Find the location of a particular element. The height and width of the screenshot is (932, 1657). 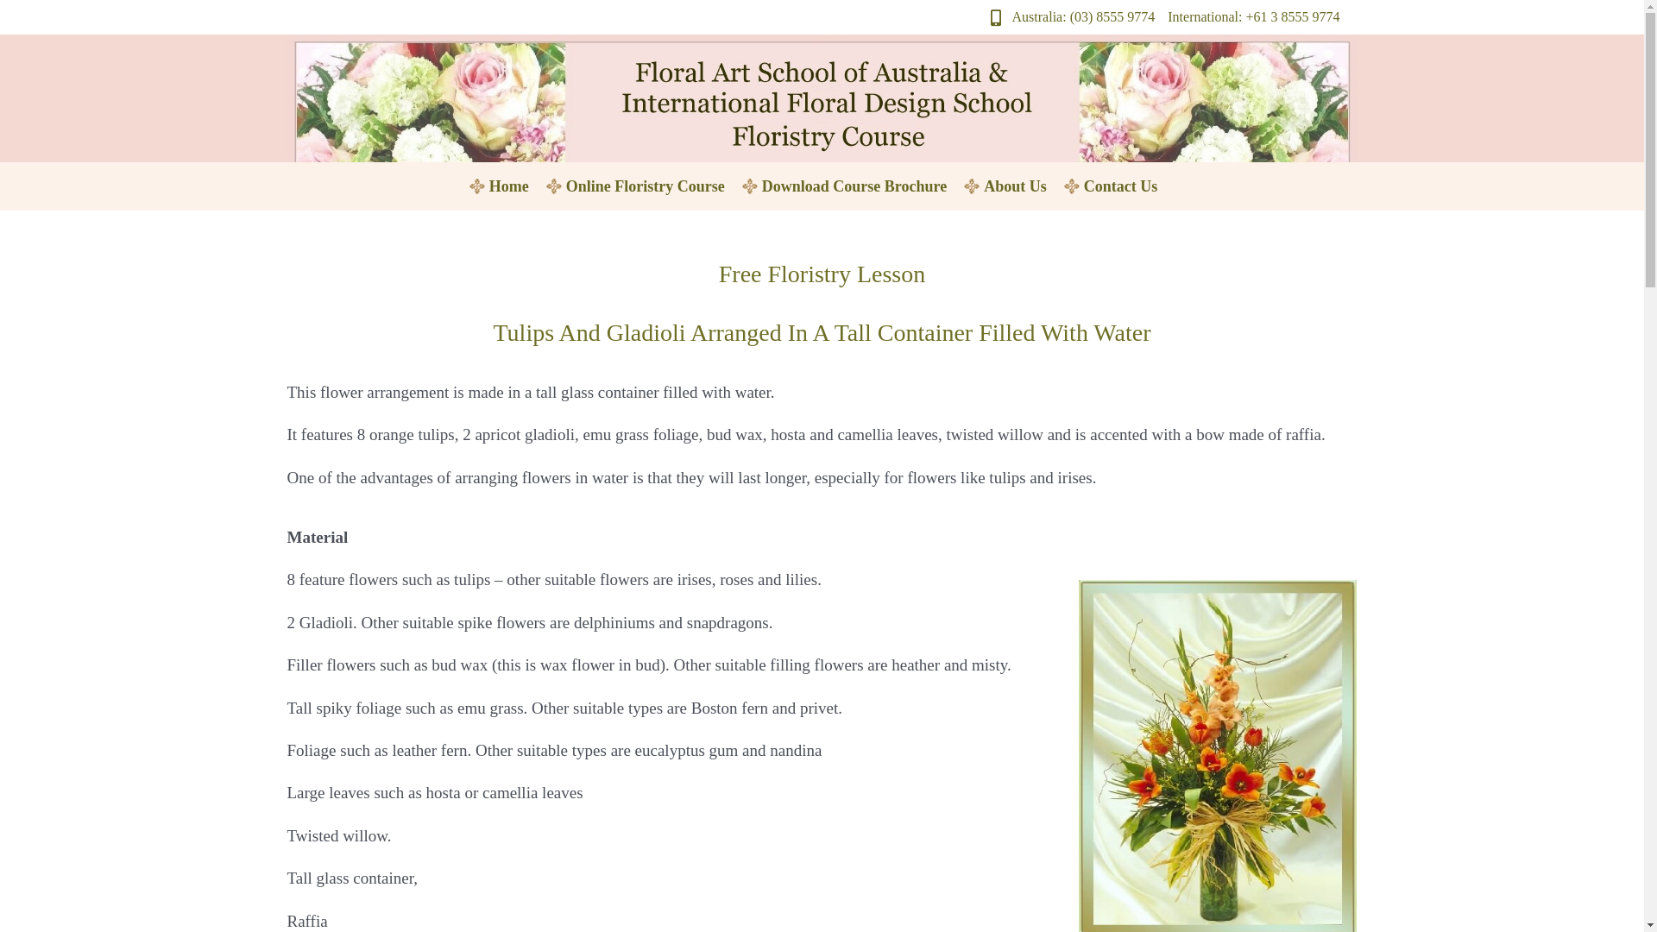

'About Us' is located at coordinates (965, 186).